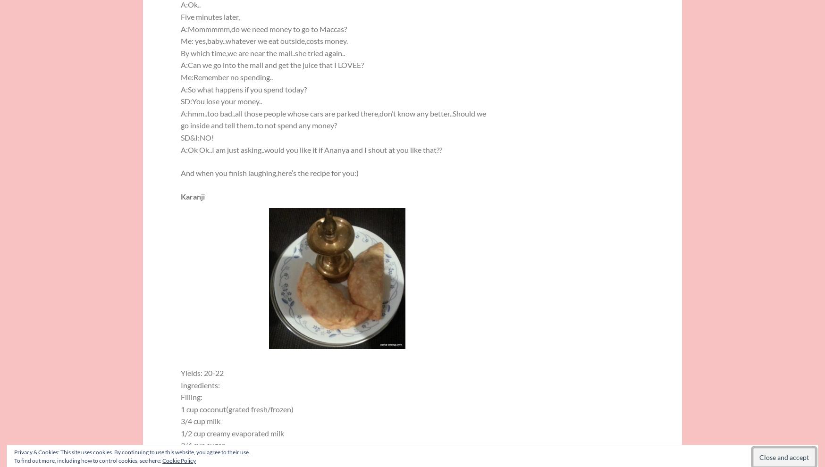 The image size is (825, 467). Describe the element at coordinates (269, 173) in the screenshot. I see `'And when you finish laughing,here’s the recipe for you:)'` at that location.